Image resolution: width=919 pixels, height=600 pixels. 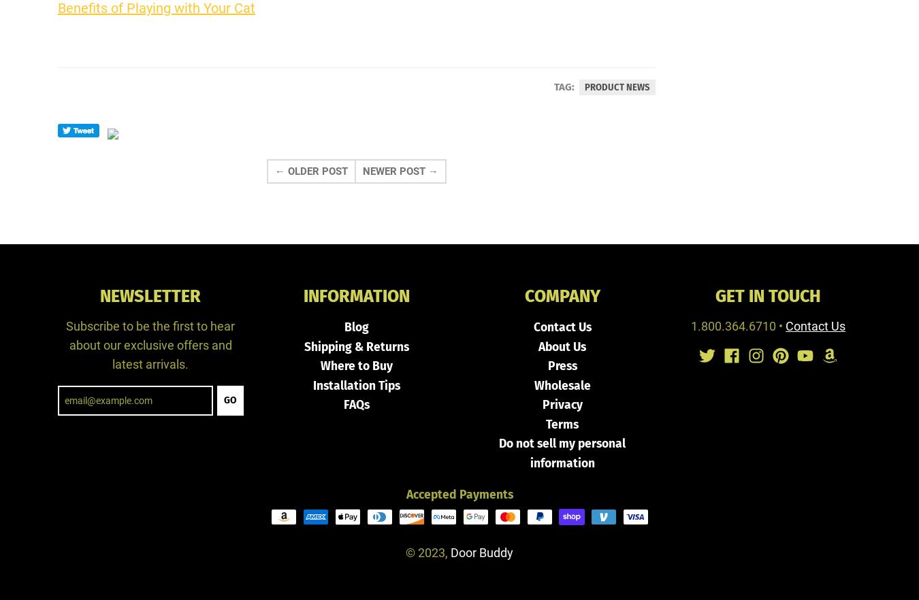 I want to click on 'Blog', so click(x=355, y=327).